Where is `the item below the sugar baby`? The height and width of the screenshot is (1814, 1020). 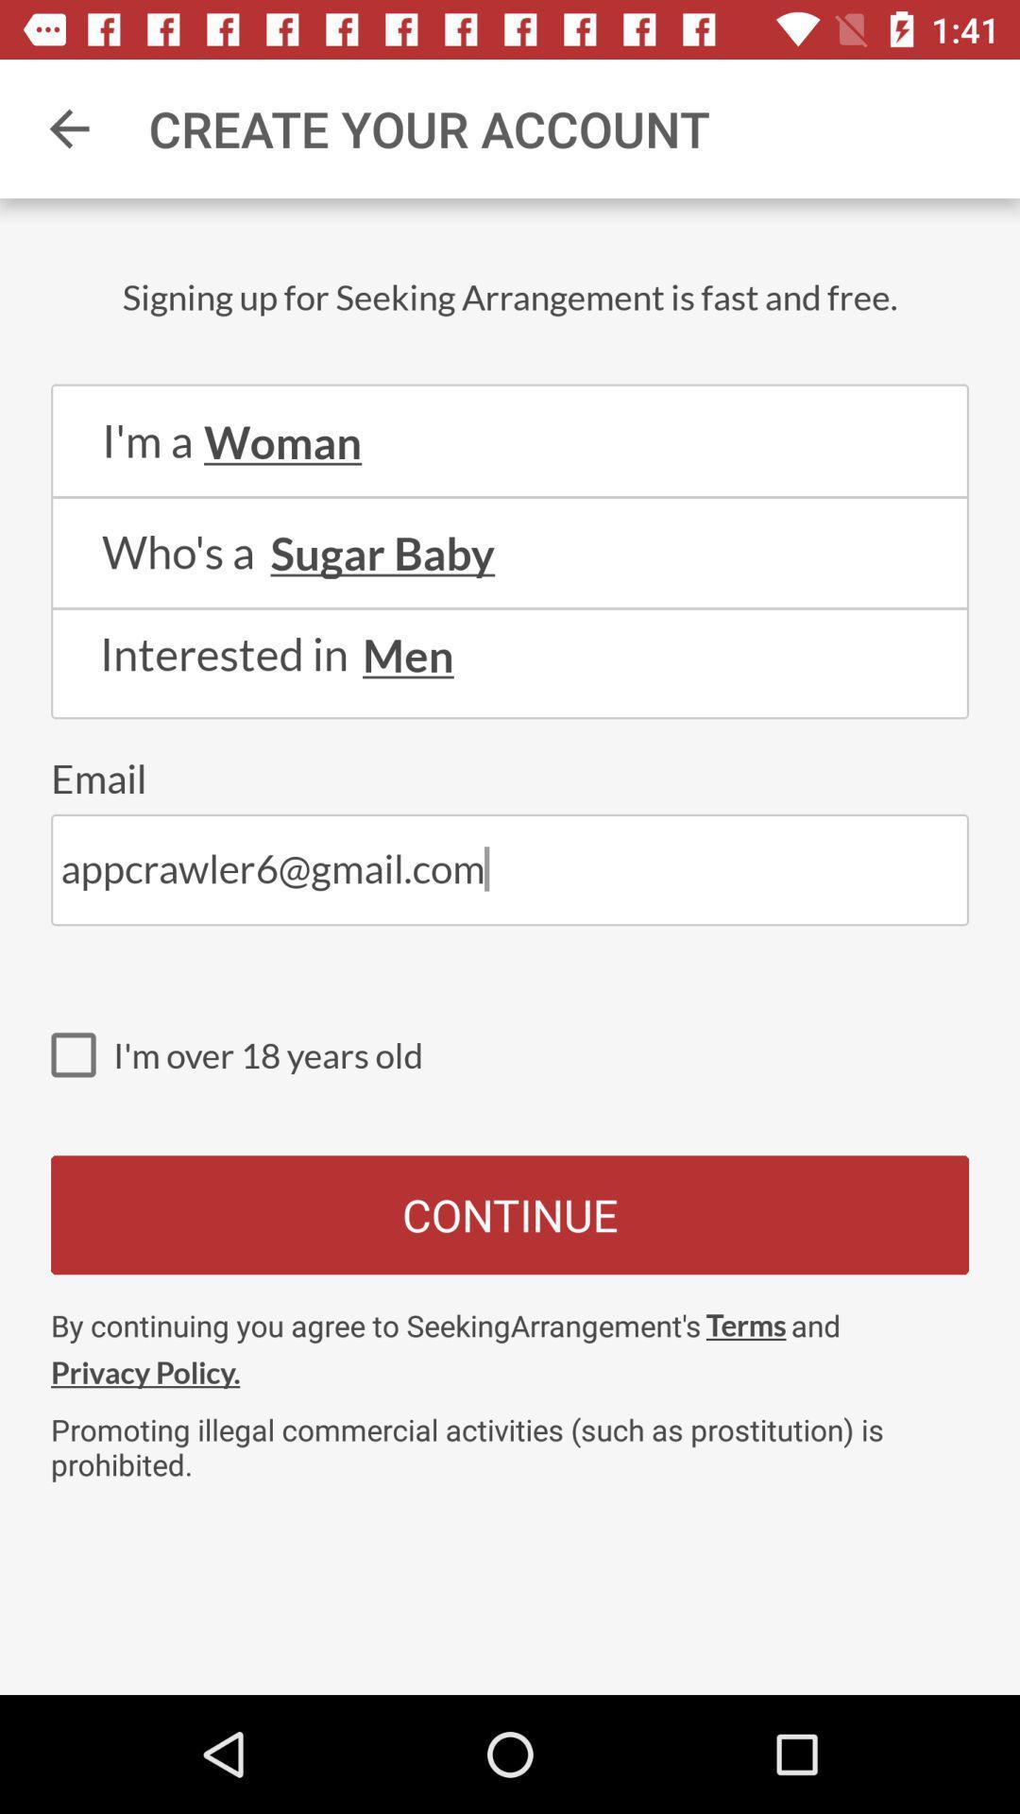 the item below the sugar baby is located at coordinates (510, 608).